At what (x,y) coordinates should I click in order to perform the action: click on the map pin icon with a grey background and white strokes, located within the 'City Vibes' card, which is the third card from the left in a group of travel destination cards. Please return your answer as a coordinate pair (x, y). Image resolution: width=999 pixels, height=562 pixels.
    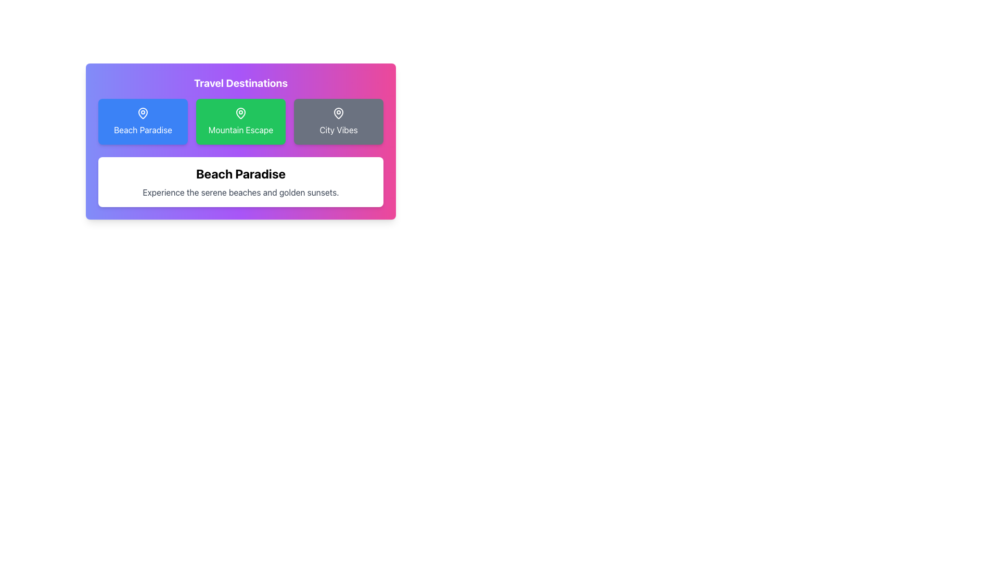
    Looking at the image, I should click on (339, 113).